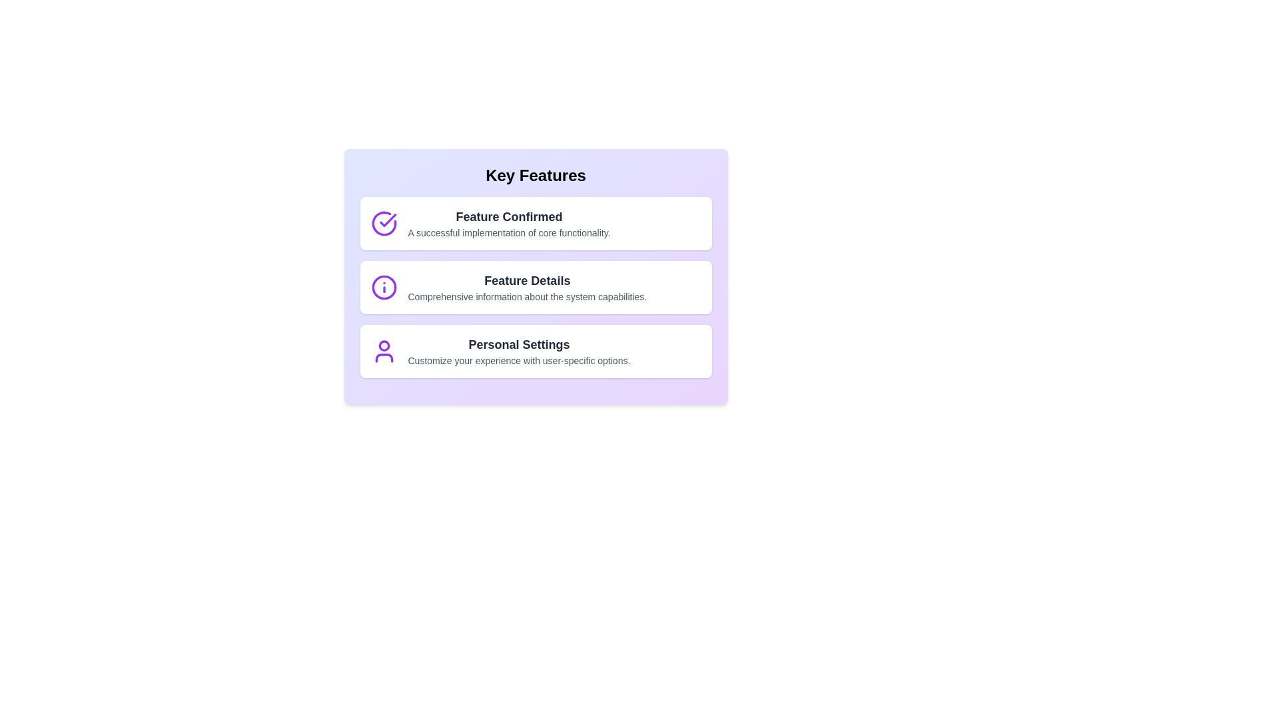  Describe the element at coordinates (383, 222) in the screenshot. I see `the icon corresponding to Feature Confirmed to interact with it` at that location.